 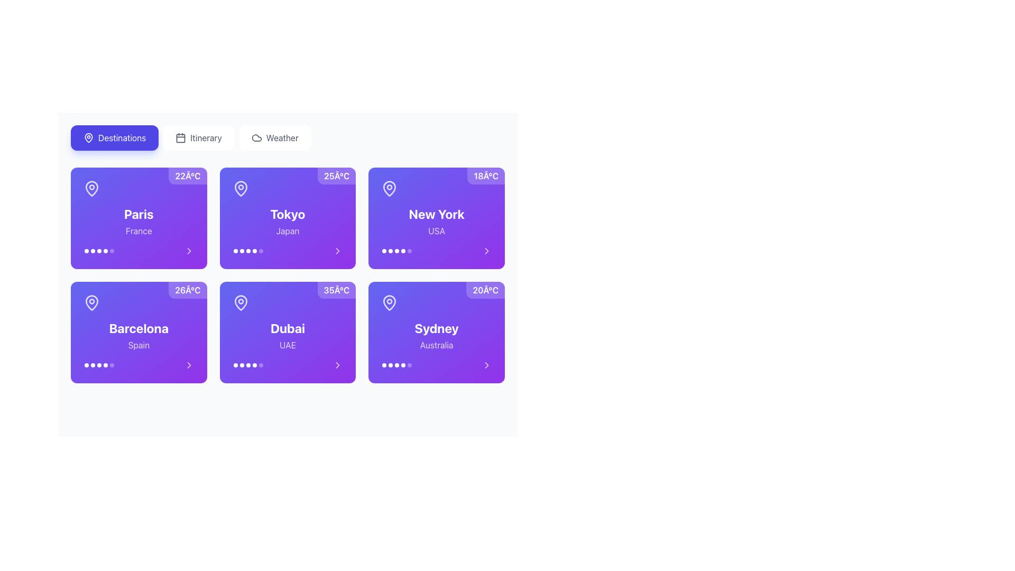 What do you see at coordinates (138, 230) in the screenshot?
I see `the static text label reading 'France', which is styled in a slightly muted white color and positioned directly below the 'Paris' title text within a card that has a gradient purple background` at bounding box center [138, 230].